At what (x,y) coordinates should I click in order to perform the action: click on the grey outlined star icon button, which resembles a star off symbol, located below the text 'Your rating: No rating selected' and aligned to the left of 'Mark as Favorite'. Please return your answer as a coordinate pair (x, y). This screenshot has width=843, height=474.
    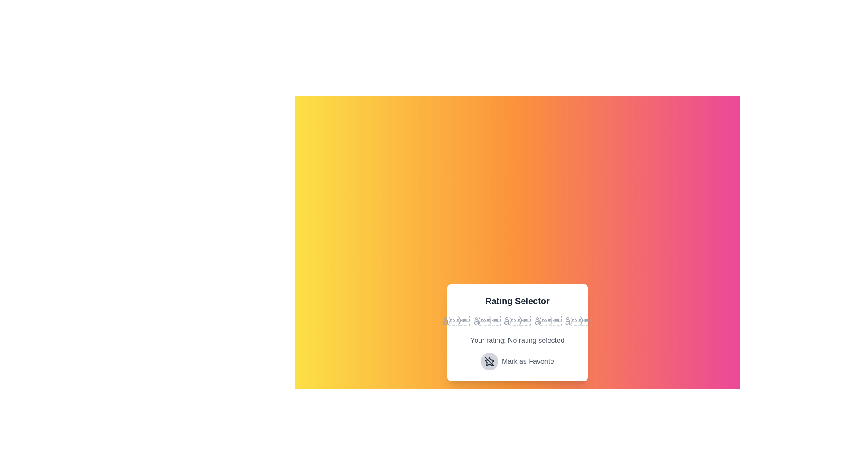
    Looking at the image, I should click on (489, 362).